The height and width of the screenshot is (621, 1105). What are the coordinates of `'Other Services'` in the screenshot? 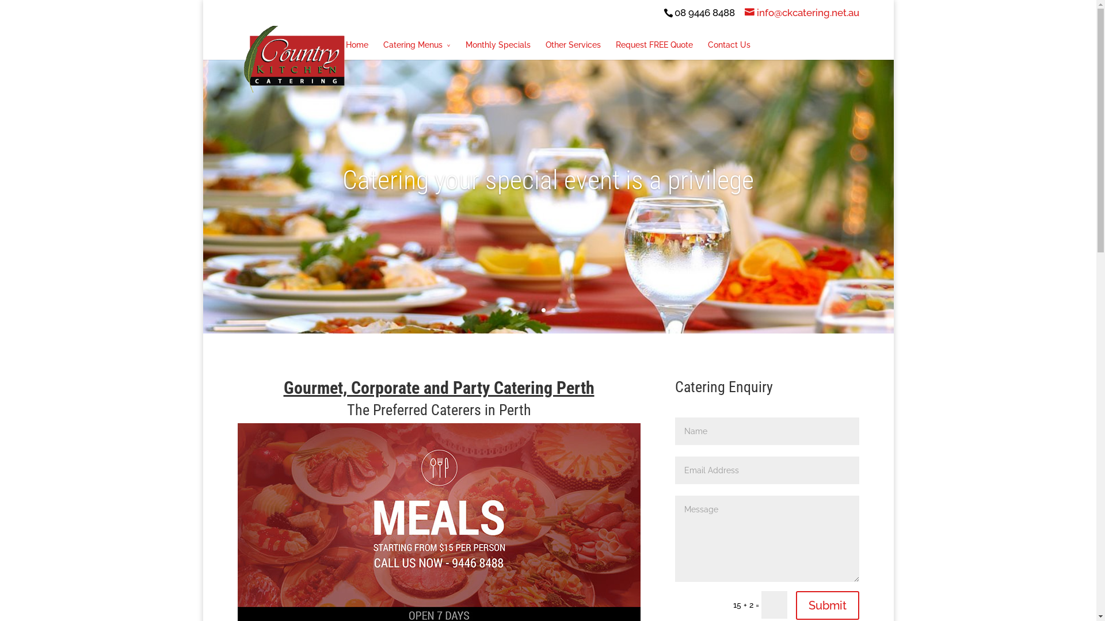 It's located at (545, 48).